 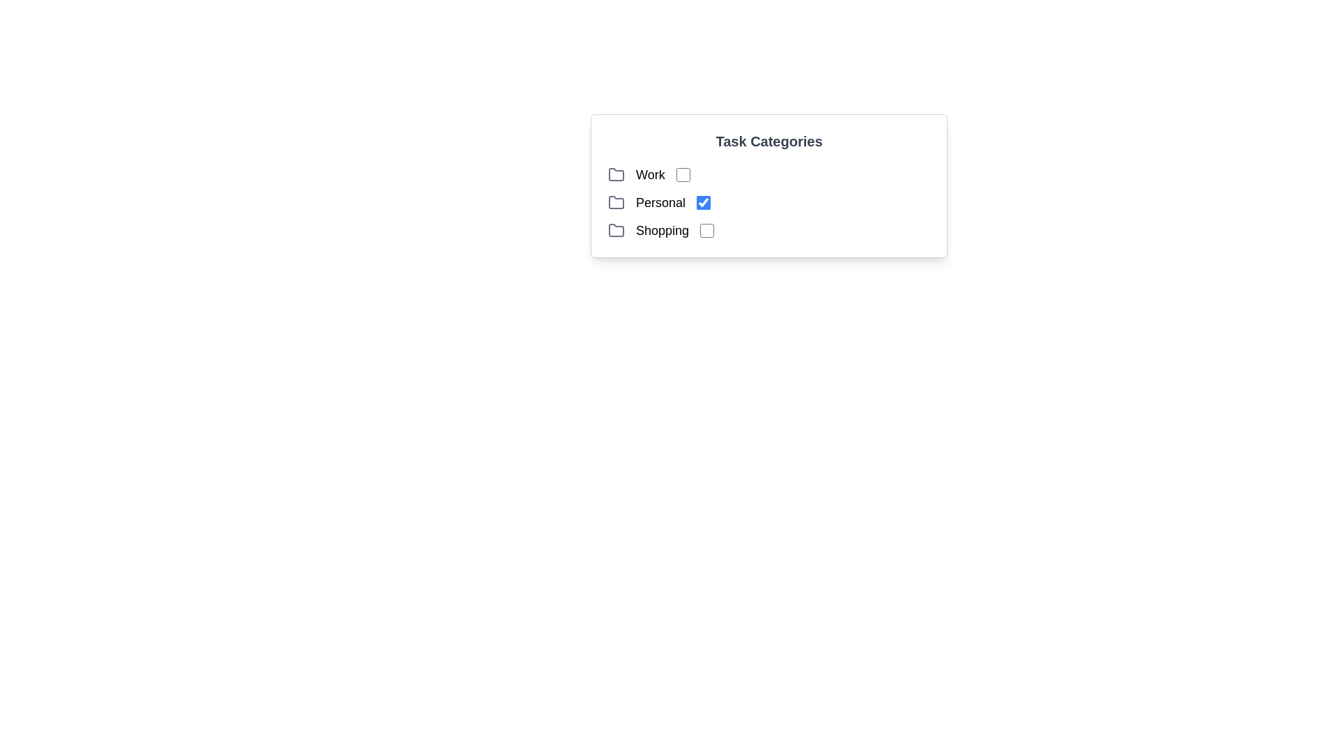 What do you see at coordinates (660, 202) in the screenshot?
I see `'Personal' Text Label located in the second row of the task categories, positioned between a folder icon and a checkbox` at bounding box center [660, 202].